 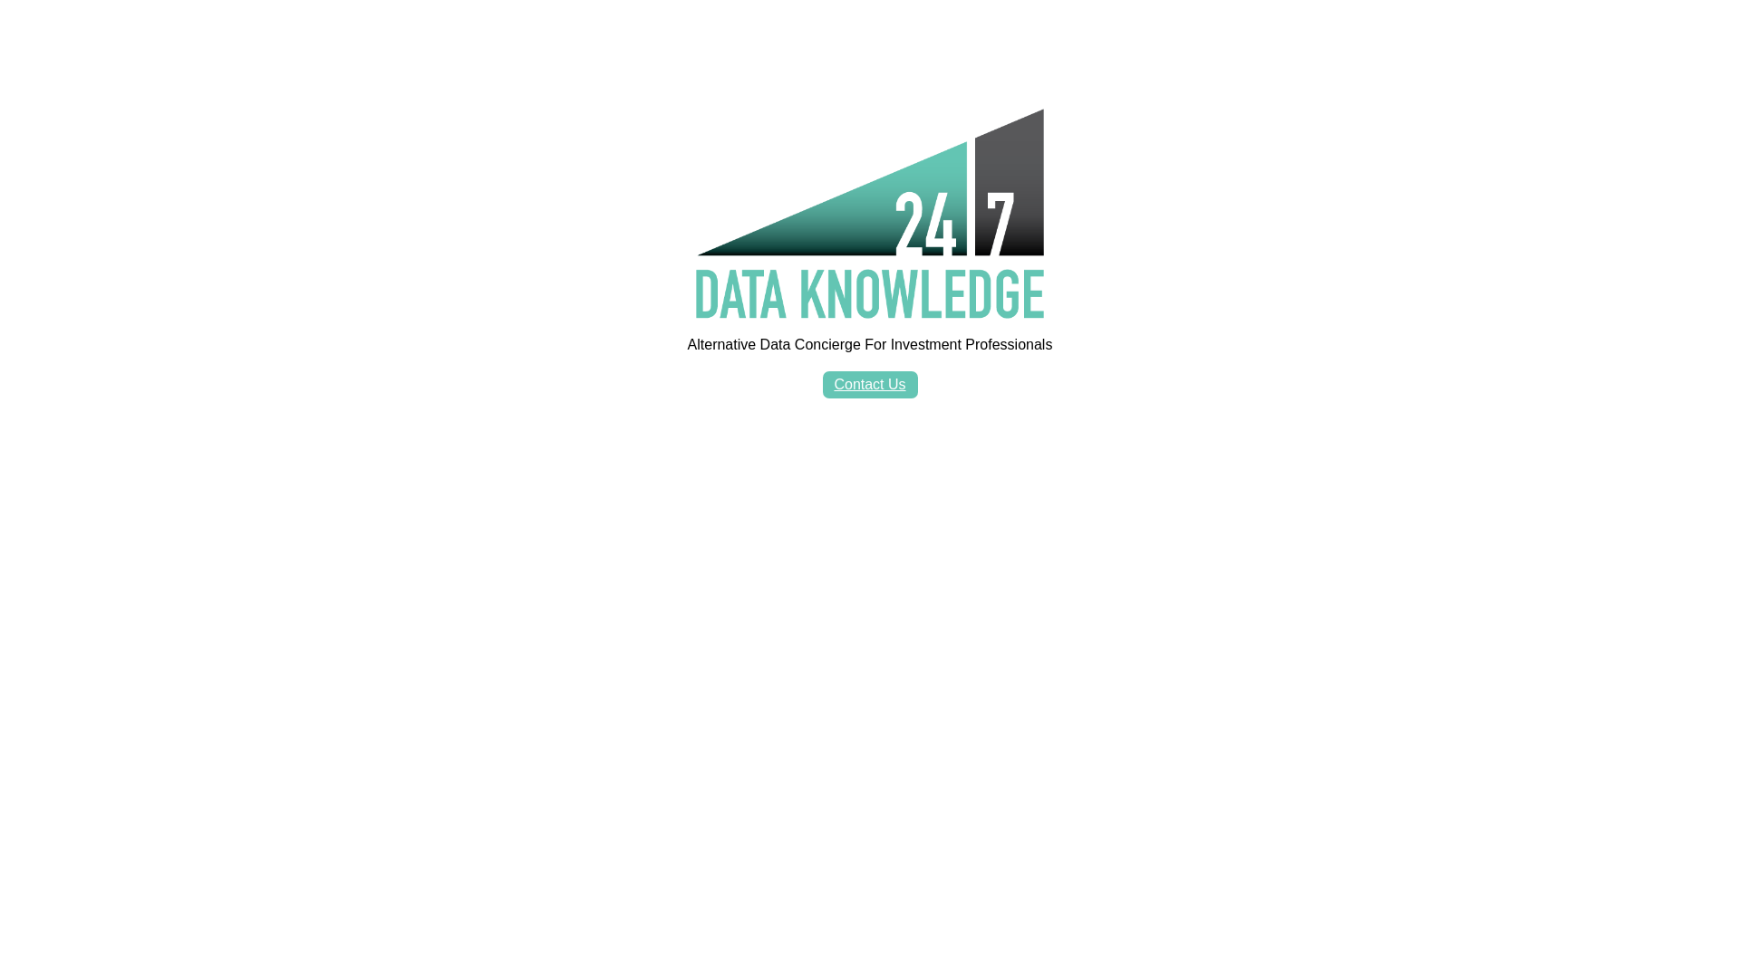 I want to click on 'Contact Us', so click(x=870, y=383).